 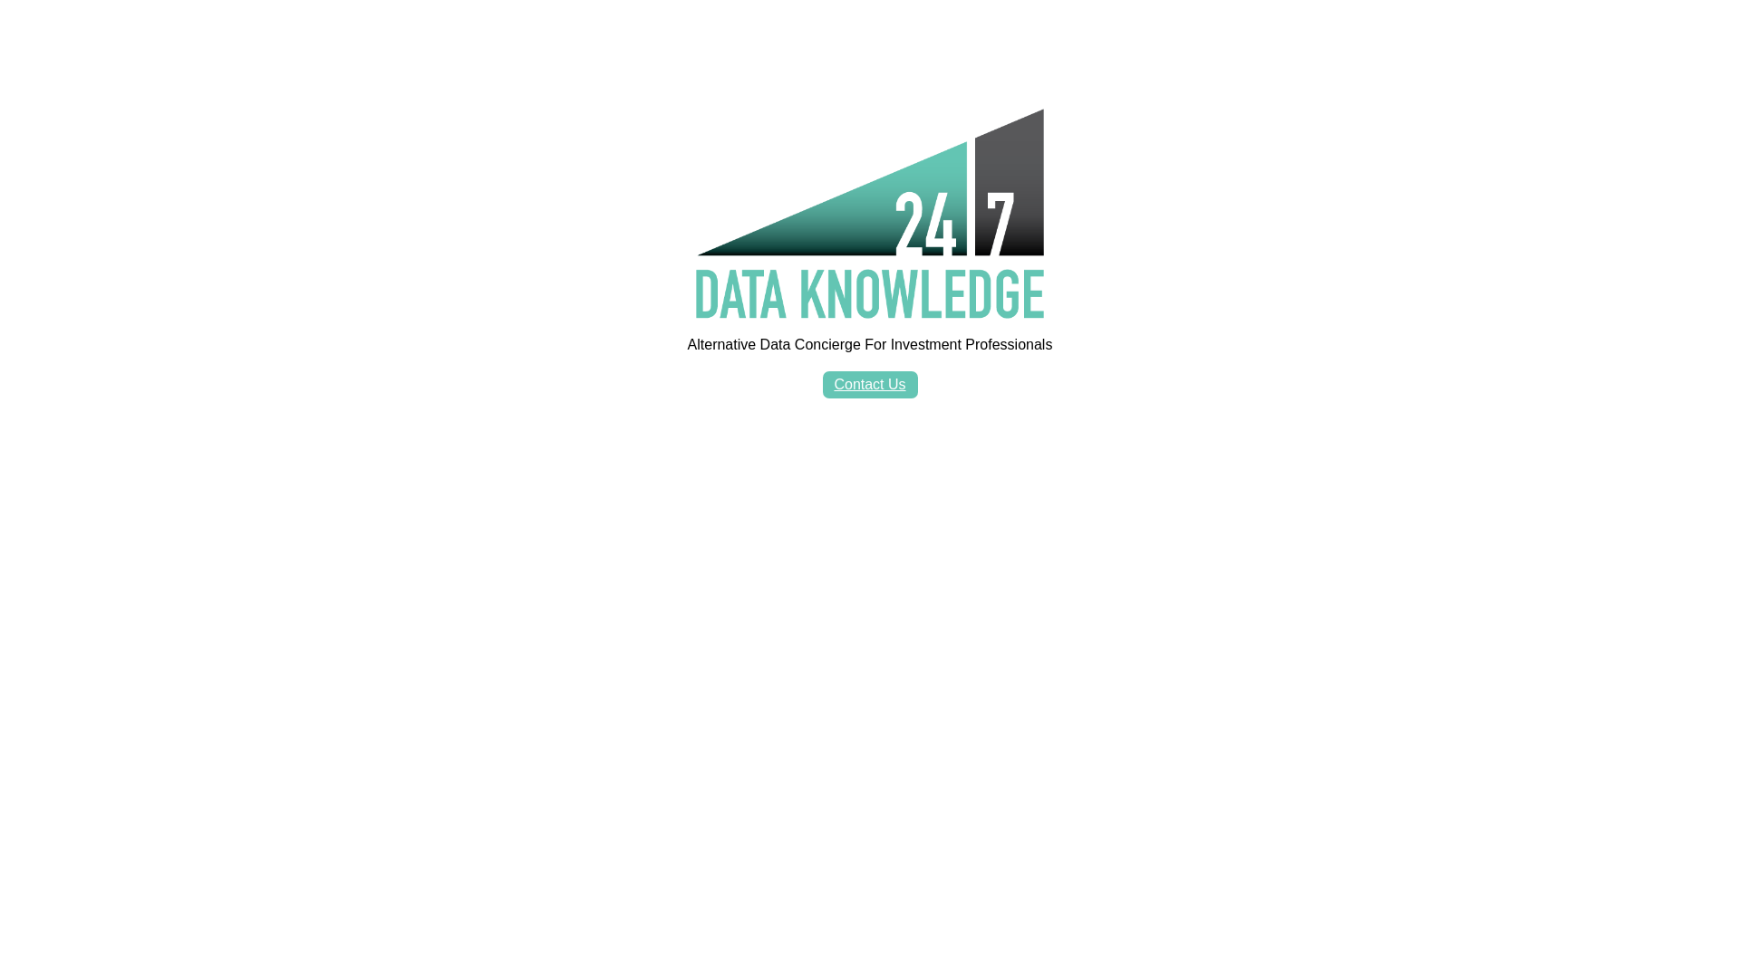 I want to click on 'Contact Us', so click(x=870, y=383).